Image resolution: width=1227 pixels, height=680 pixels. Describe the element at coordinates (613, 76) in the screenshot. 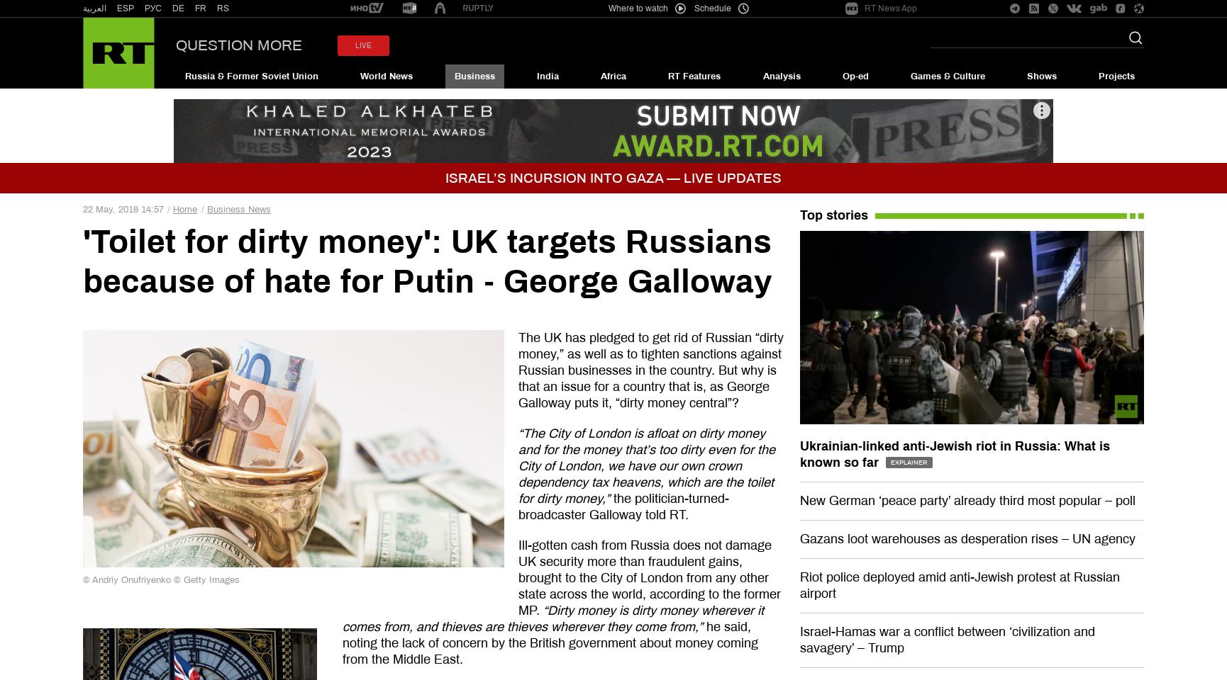

I see `'Africa'` at that location.